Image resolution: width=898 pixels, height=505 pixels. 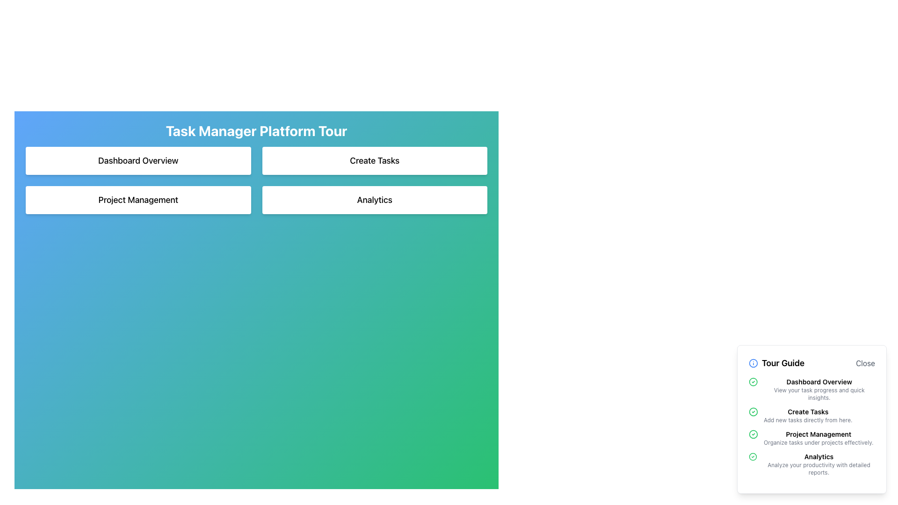 I want to click on the completed step icon located in the guide panel, which is positioned to the left of the text 'Create TasksAdd new tasks directly from here.', so click(x=753, y=411).